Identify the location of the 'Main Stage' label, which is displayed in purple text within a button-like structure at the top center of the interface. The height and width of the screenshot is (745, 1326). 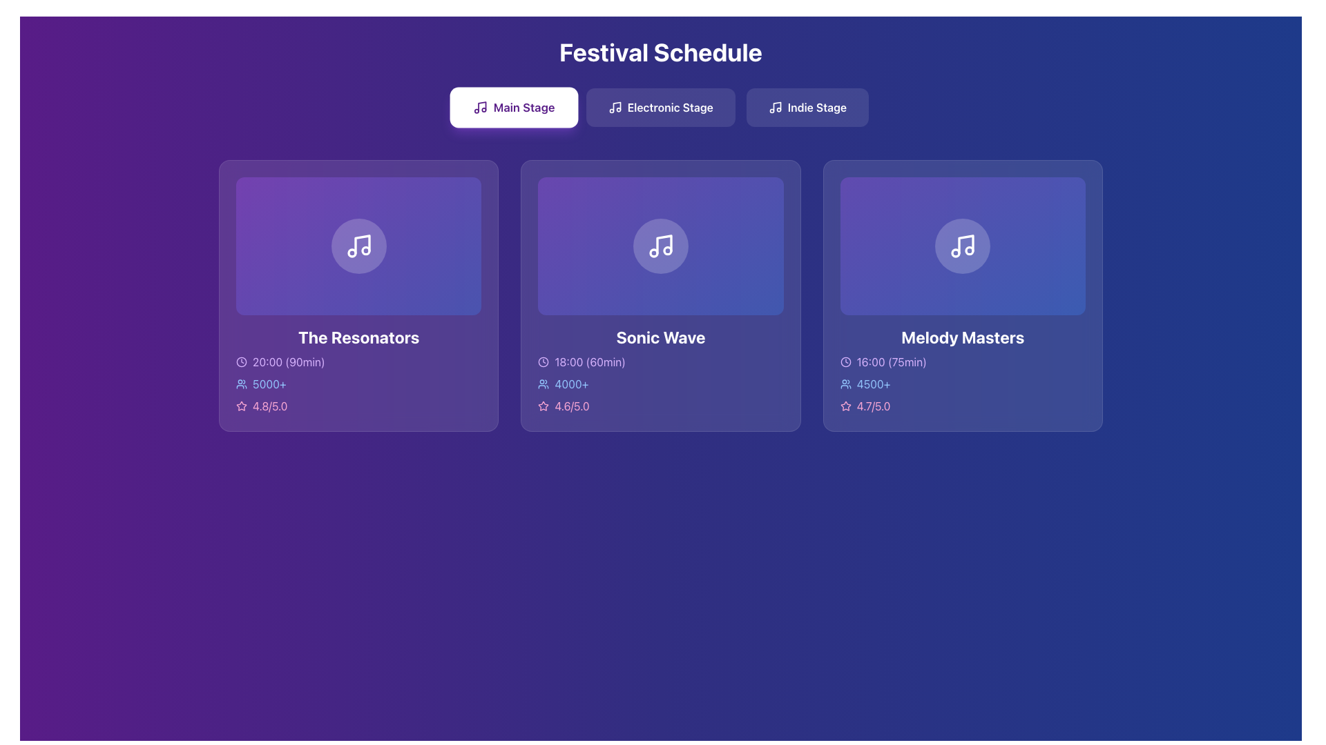
(523, 106).